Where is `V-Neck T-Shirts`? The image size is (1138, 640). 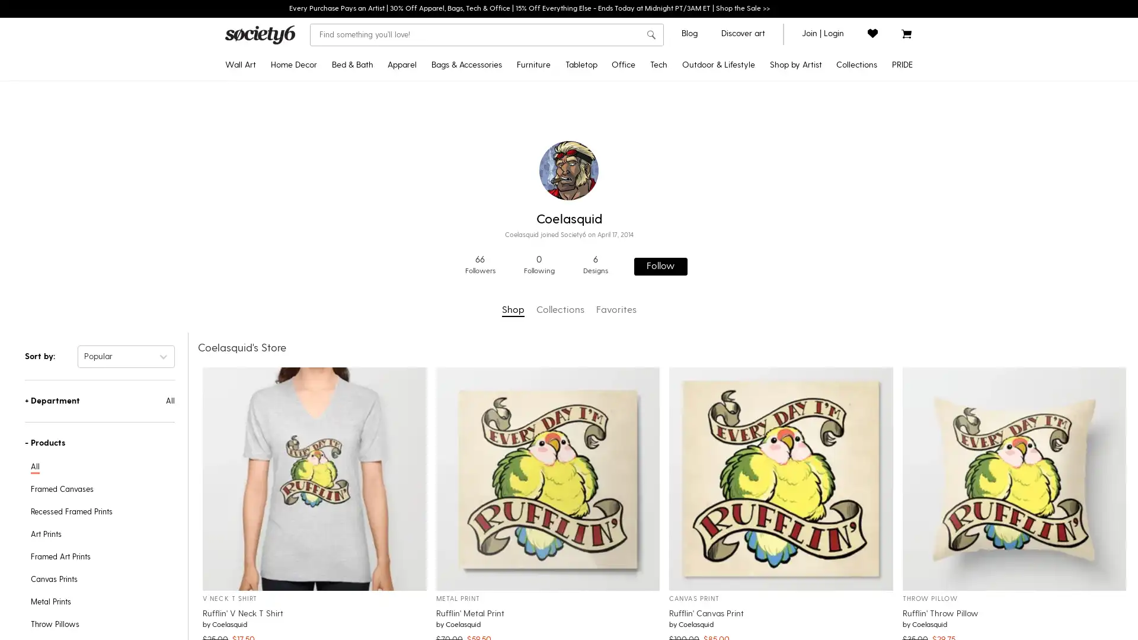 V-Neck T-Shirts is located at coordinates (439, 190).